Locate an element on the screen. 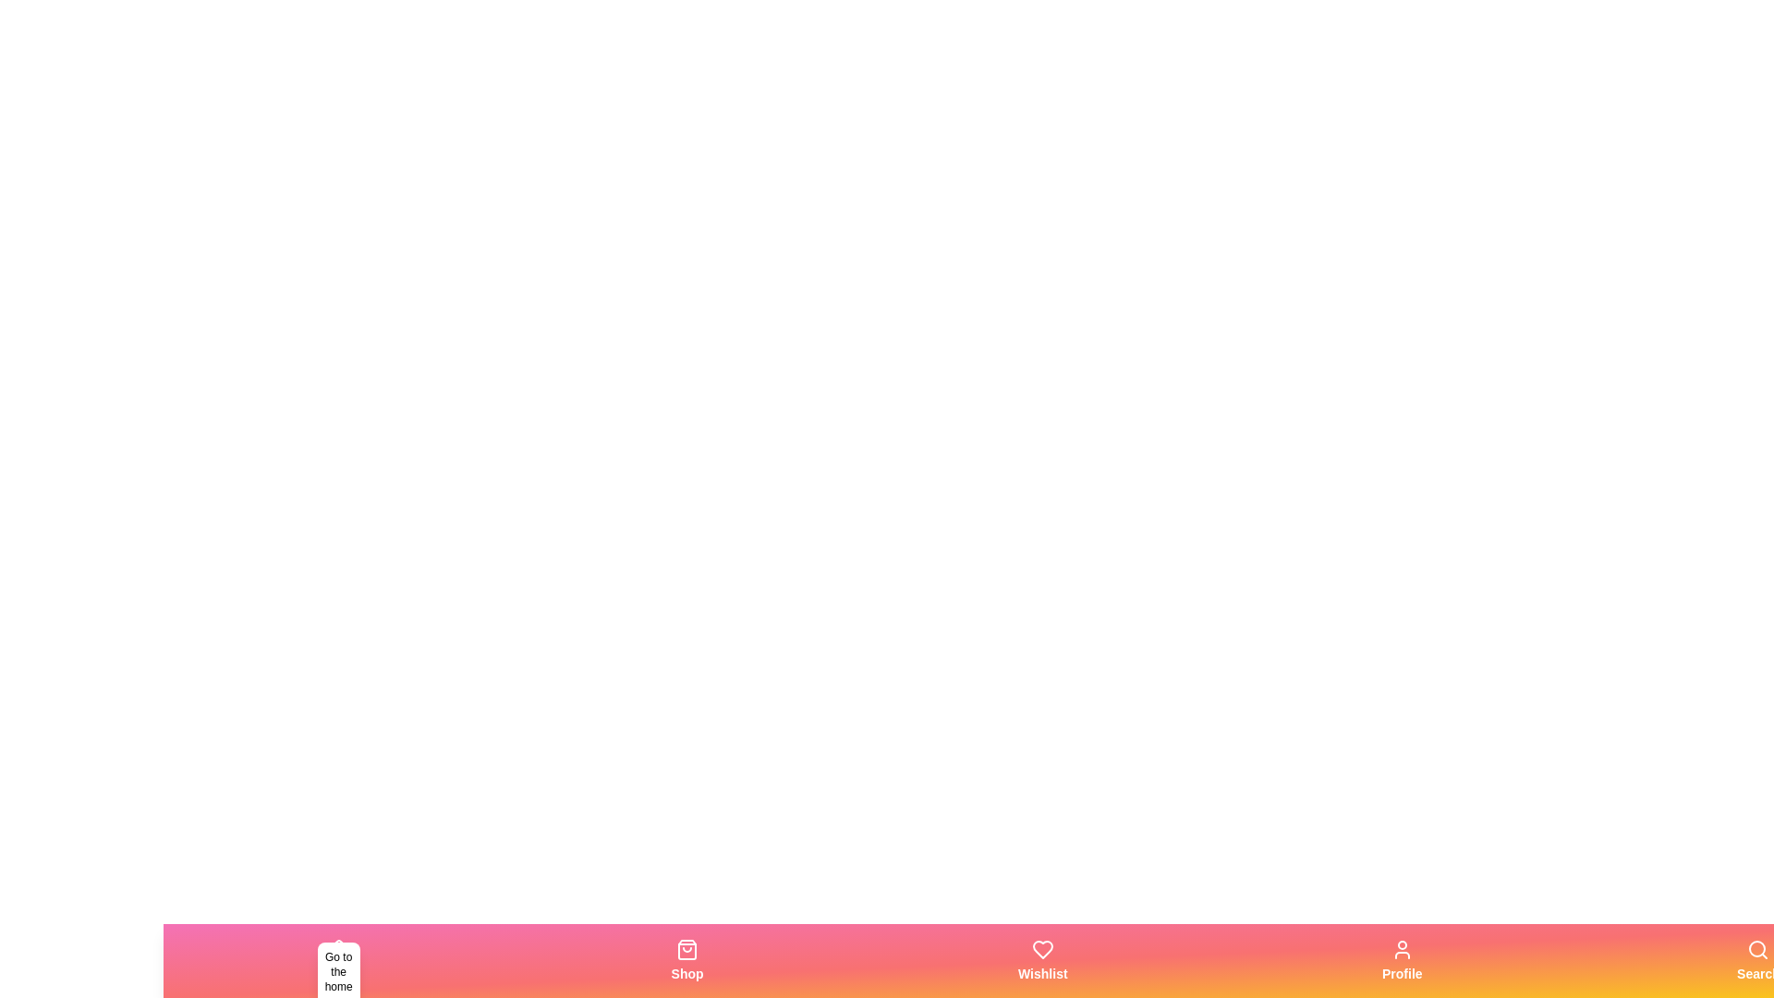 The width and height of the screenshot is (1774, 998). the Search tab in the bottom navigation bar is located at coordinates (1756, 960).